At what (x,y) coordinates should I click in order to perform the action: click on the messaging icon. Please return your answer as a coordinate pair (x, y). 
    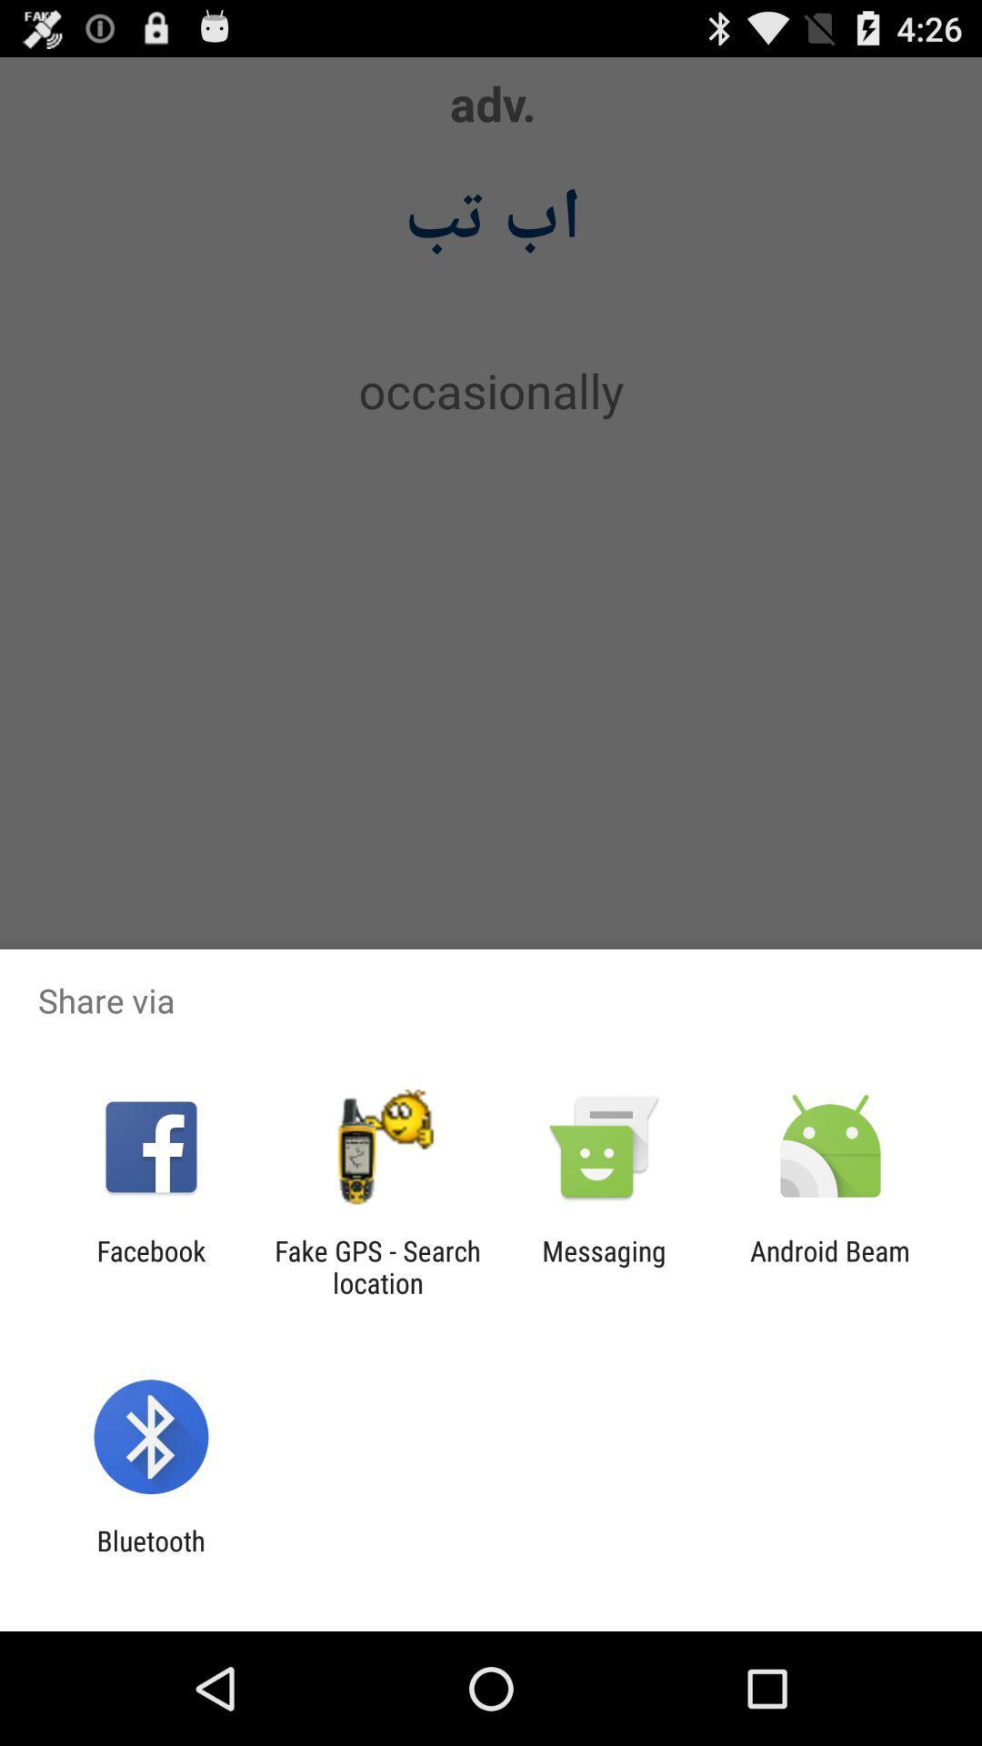
    Looking at the image, I should click on (604, 1266).